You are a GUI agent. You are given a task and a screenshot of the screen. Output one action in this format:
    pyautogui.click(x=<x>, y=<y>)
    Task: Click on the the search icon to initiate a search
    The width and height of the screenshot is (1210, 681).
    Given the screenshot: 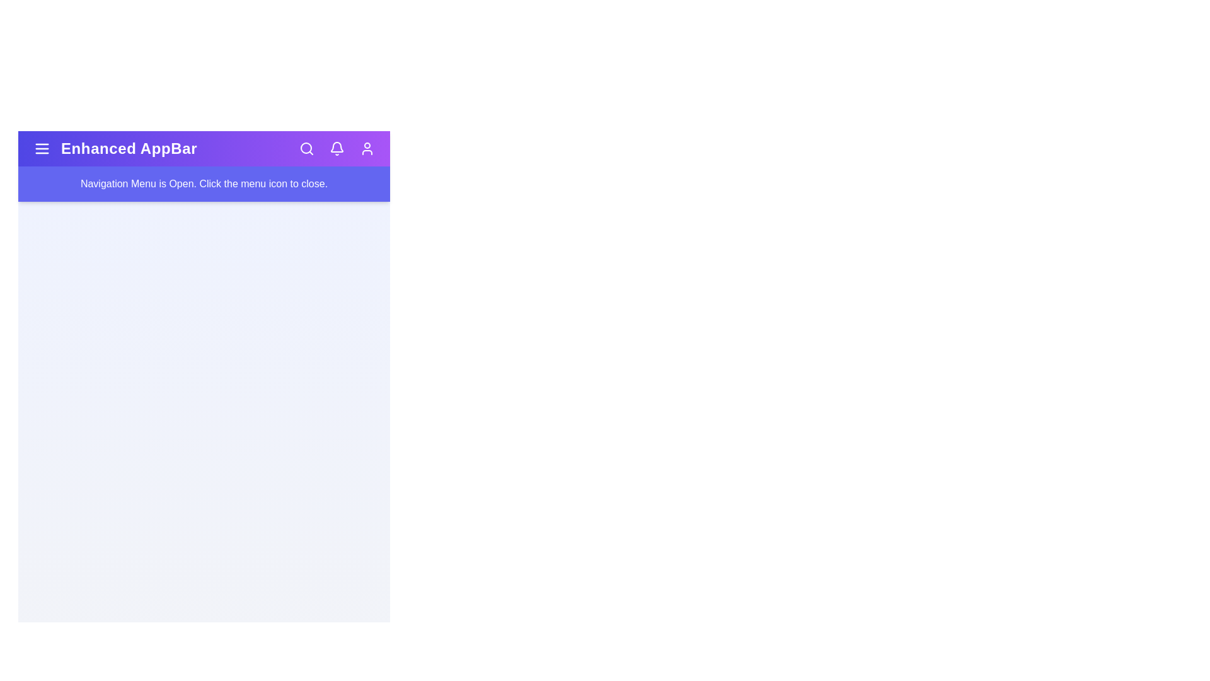 What is the action you would take?
    pyautogui.click(x=306, y=148)
    